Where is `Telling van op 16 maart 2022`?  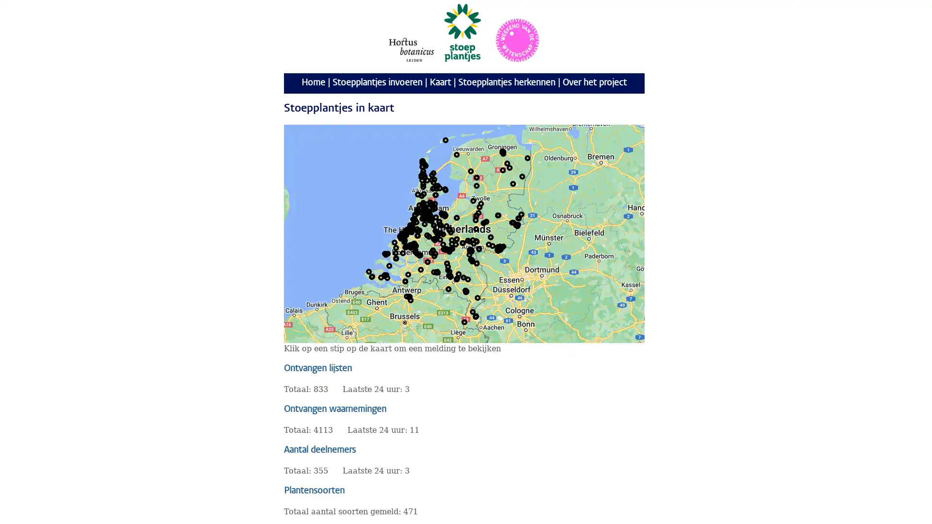
Telling van op 16 maart 2022 is located at coordinates (422, 180).